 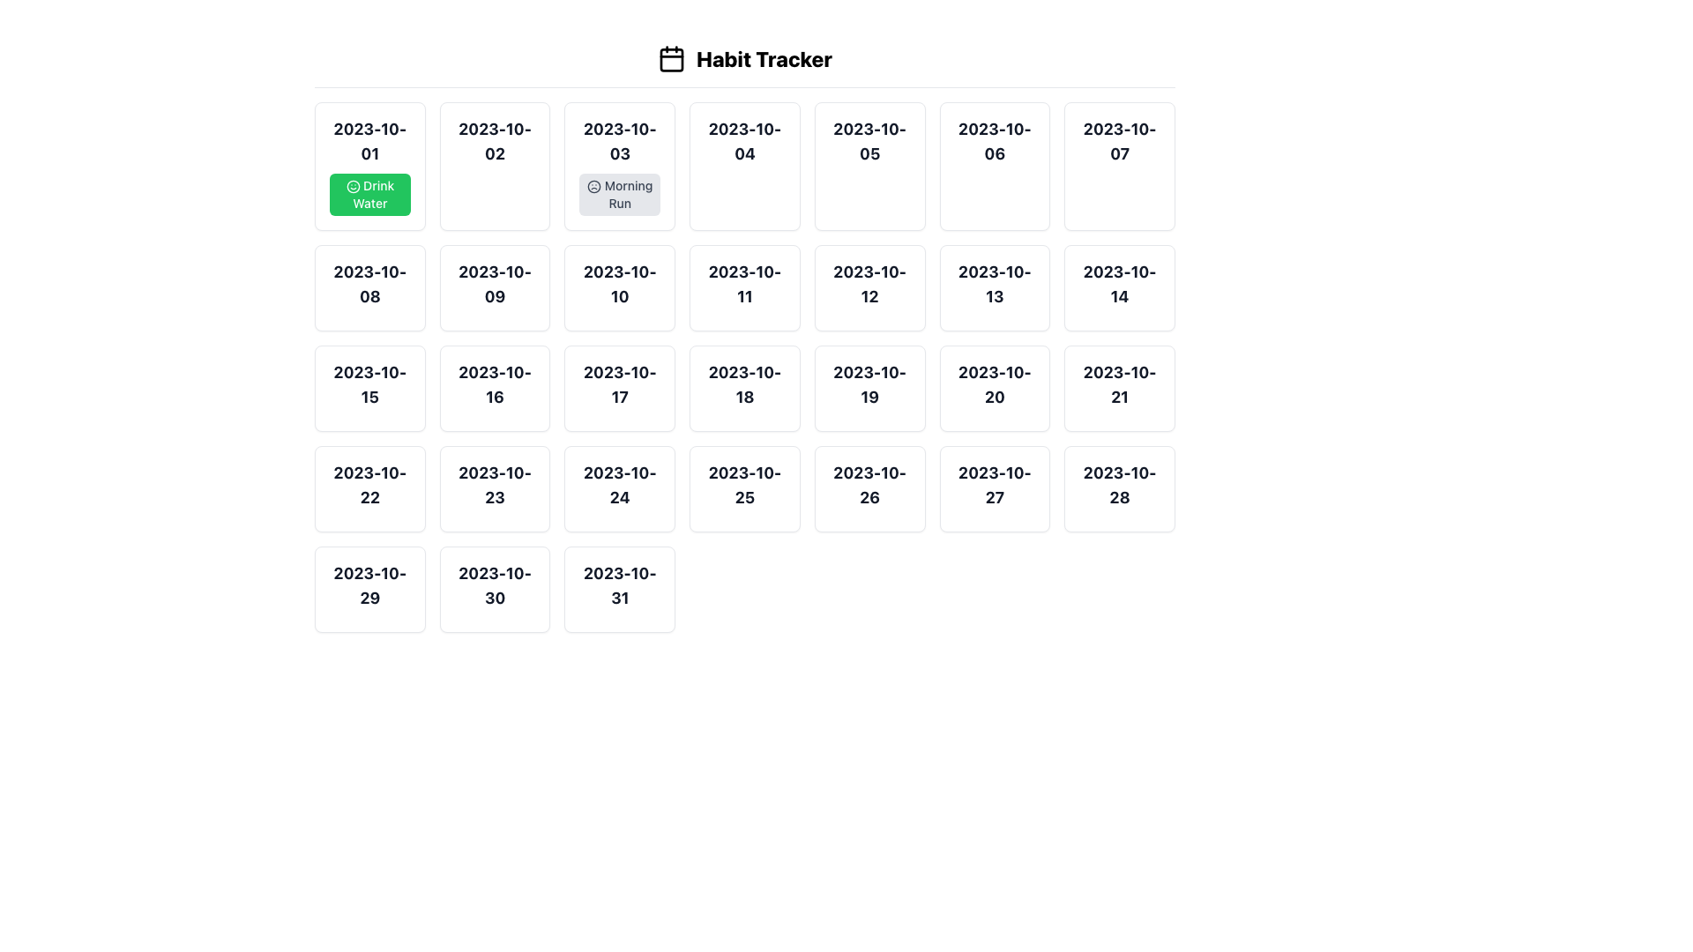 What do you see at coordinates (869, 167) in the screenshot?
I see `the text box displaying the date '2023-10-05'` at bounding box center [869, 167].